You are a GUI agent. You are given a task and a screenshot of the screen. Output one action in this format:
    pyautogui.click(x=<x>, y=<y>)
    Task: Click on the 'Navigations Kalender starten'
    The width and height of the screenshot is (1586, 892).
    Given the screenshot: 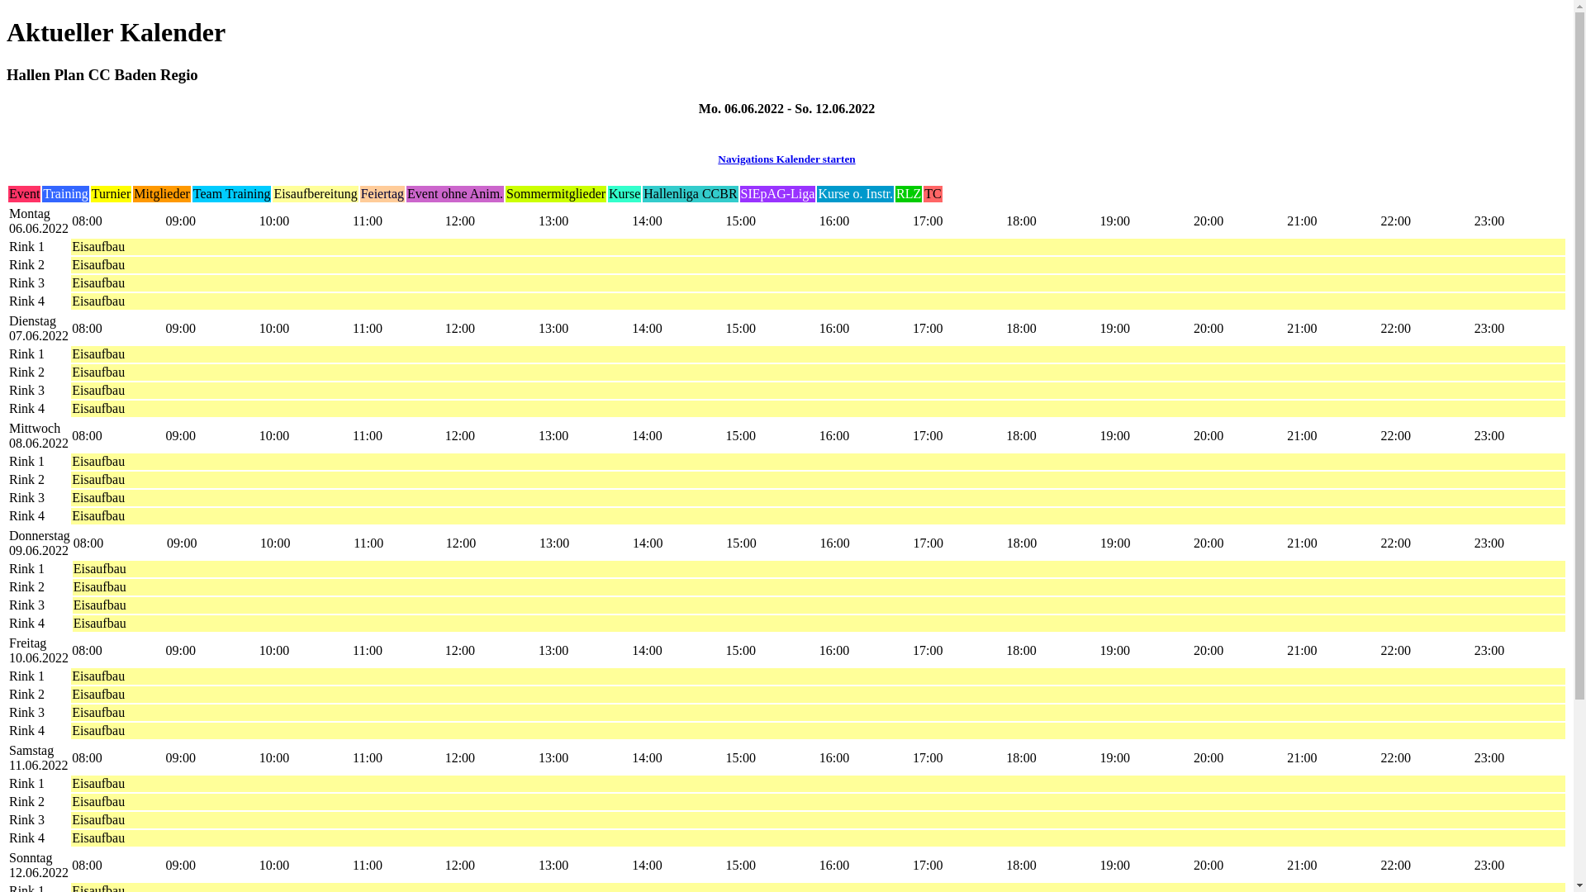 What is the action you would take?
    pyautogui.click(x=785, y=159)
    